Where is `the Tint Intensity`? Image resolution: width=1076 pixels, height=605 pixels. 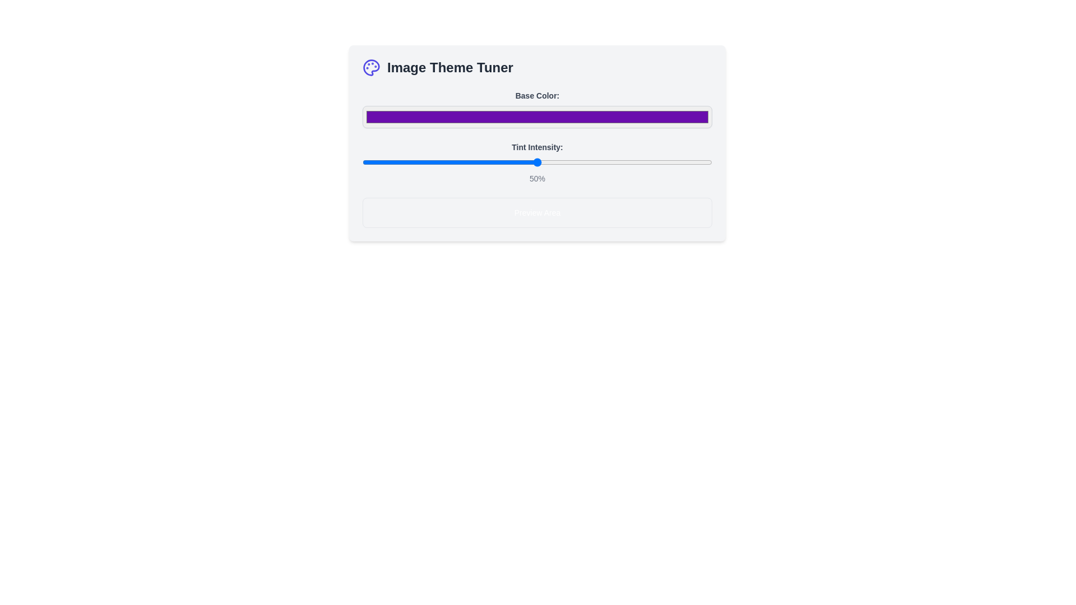 the Tint Intensity is located at coordinates (708, 162).